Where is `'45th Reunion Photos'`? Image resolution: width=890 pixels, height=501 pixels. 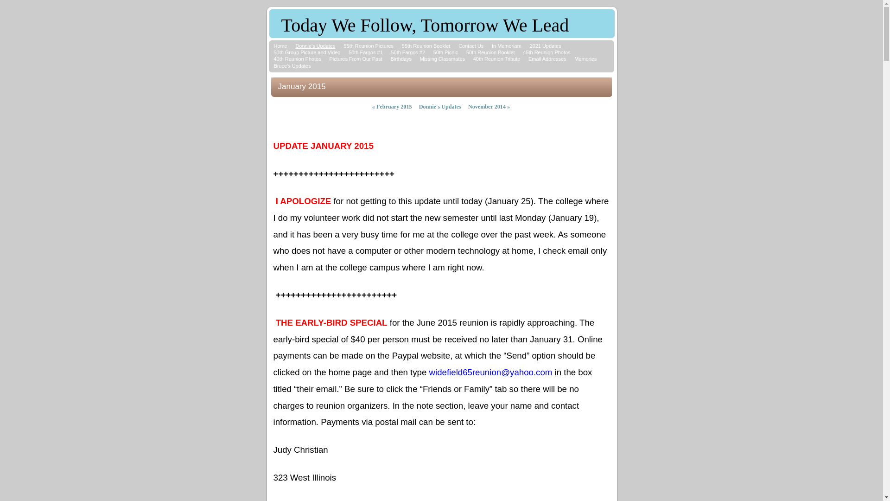
'45th Reunion Photos' is located at coordinates (547, 52).